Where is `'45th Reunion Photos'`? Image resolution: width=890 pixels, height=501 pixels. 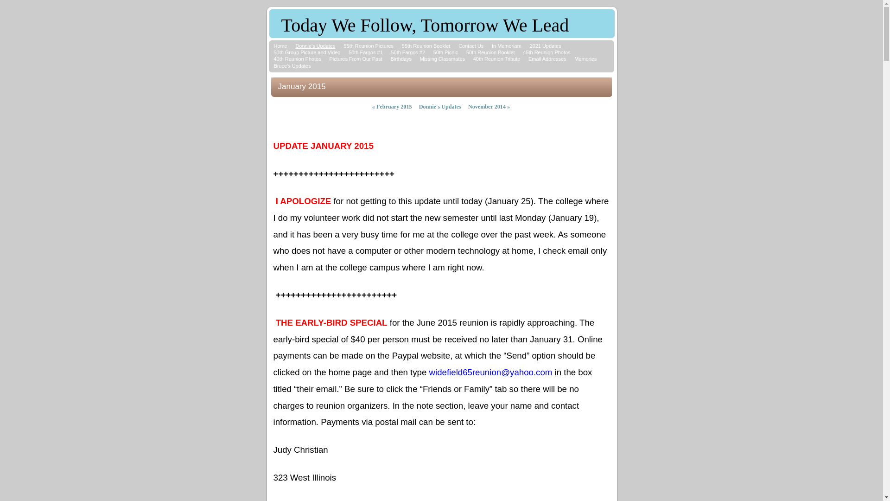
'45th Reunion Photos' is located at coordinates (547, 52).